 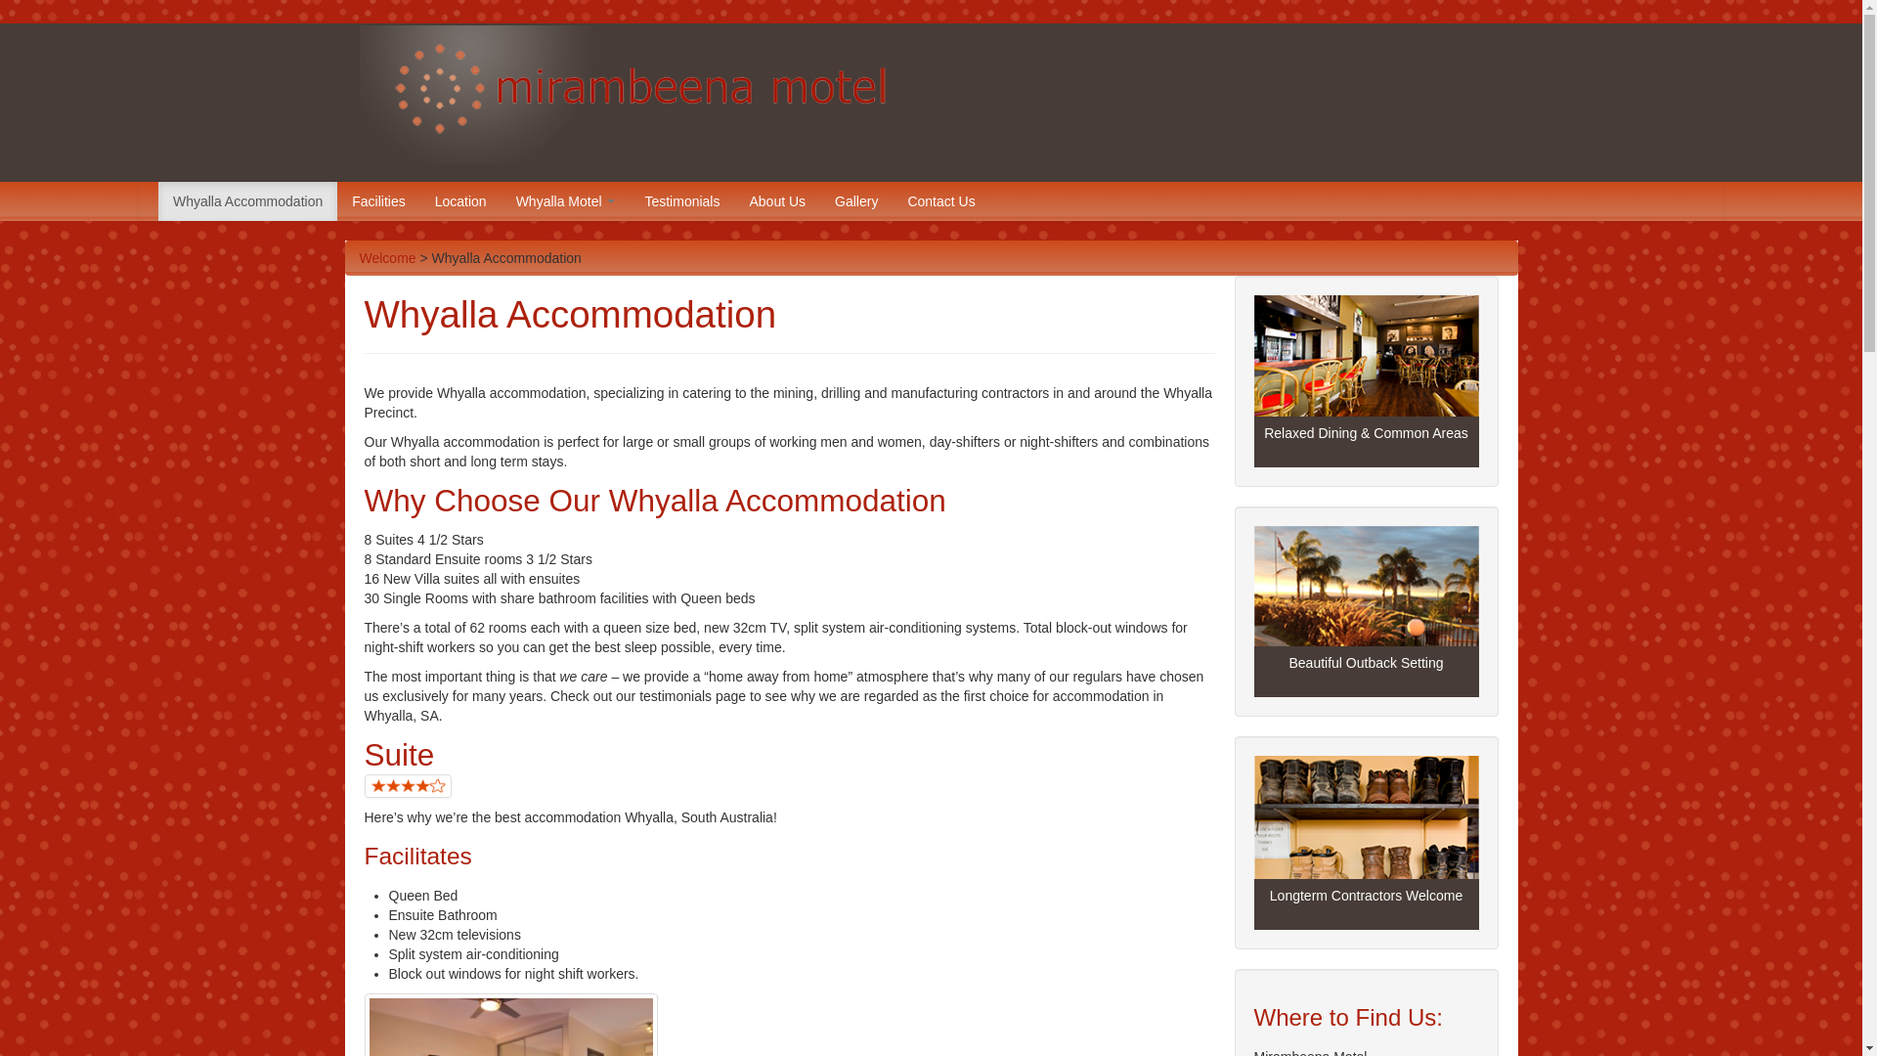 What do you see at coordinates (360, 256) in the screenshot?
I see `'Welcome'` at bounding box center [360, 256].